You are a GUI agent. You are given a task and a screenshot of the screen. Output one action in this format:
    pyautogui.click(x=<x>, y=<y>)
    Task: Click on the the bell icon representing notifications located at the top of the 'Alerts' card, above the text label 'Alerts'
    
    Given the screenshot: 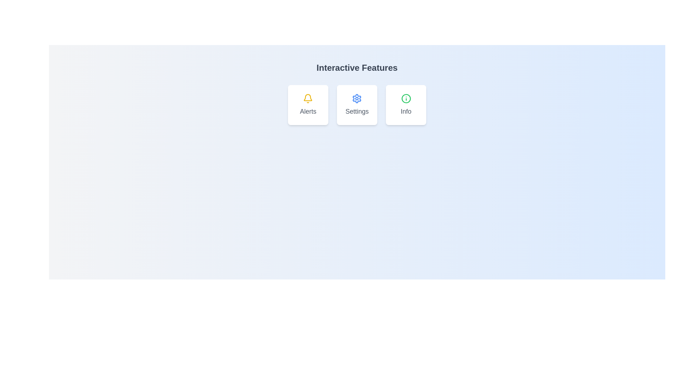 What is the action you would take?
    pyautogui.click(x=308, y=99)
    